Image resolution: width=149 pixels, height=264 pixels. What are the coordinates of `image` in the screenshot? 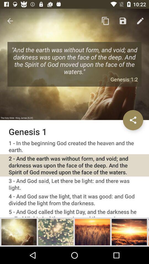 It's located at (129, 232).